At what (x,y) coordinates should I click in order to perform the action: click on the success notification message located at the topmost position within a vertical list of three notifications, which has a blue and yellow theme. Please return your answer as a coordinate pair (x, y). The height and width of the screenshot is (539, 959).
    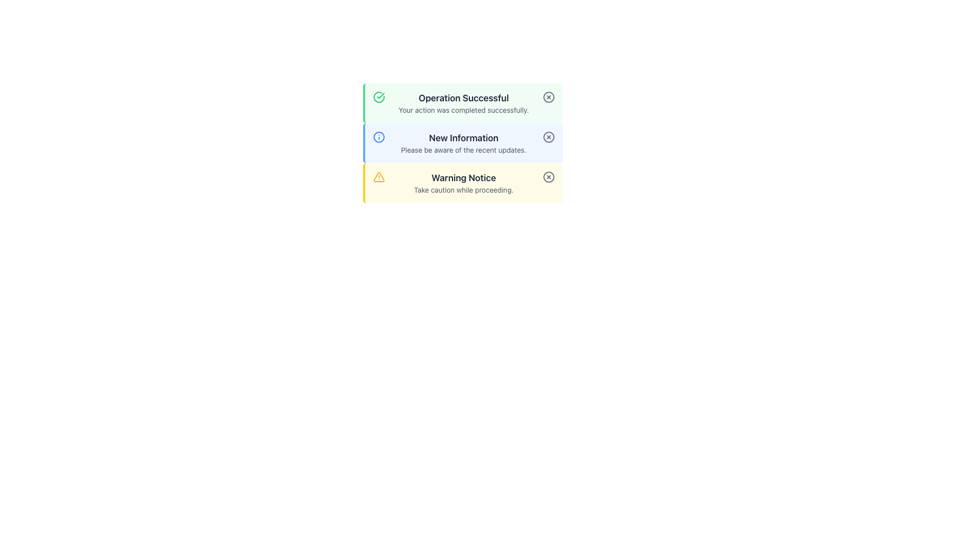
    Looking at the image, I should click on (462, 103).